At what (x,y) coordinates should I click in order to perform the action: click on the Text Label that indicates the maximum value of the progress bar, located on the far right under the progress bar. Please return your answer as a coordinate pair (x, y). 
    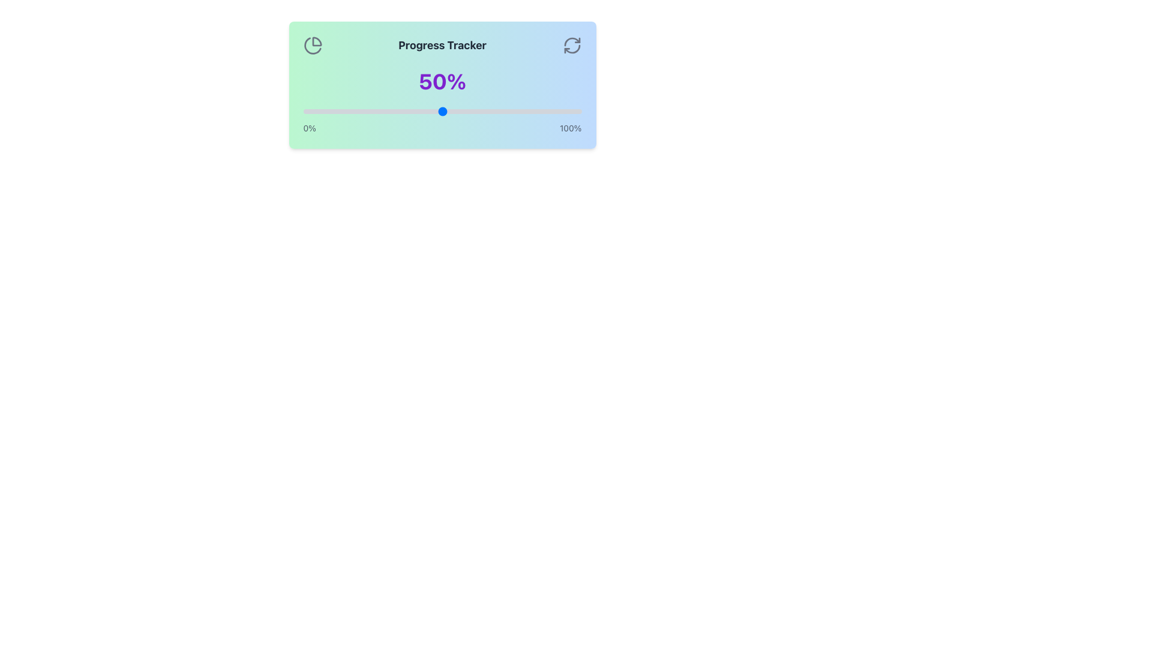
    Looking at the image, I should click on (570, 128).